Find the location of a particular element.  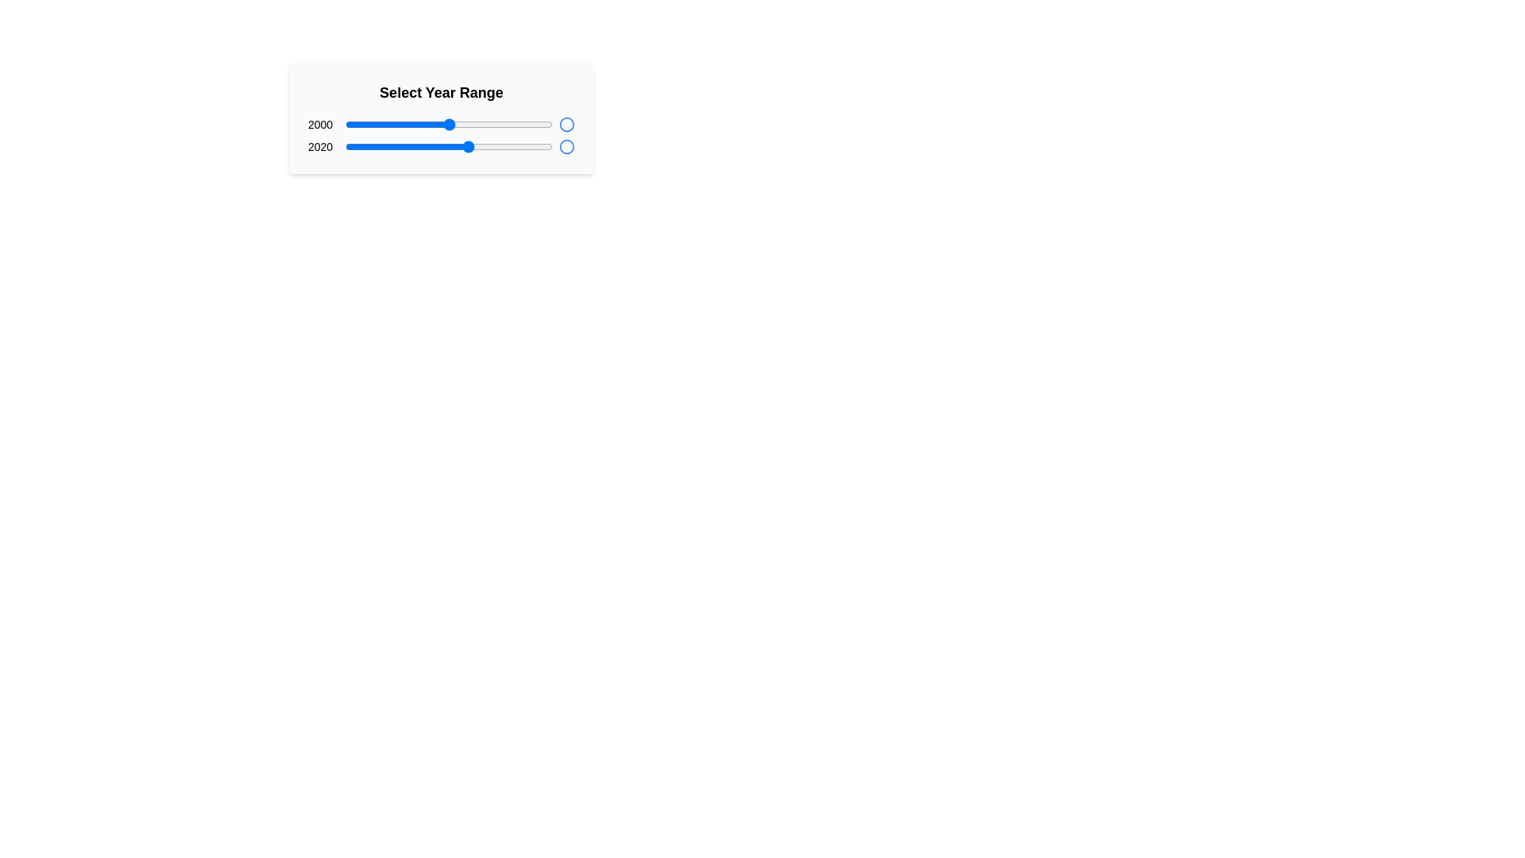

the year value is located at coordinates (353, 147).